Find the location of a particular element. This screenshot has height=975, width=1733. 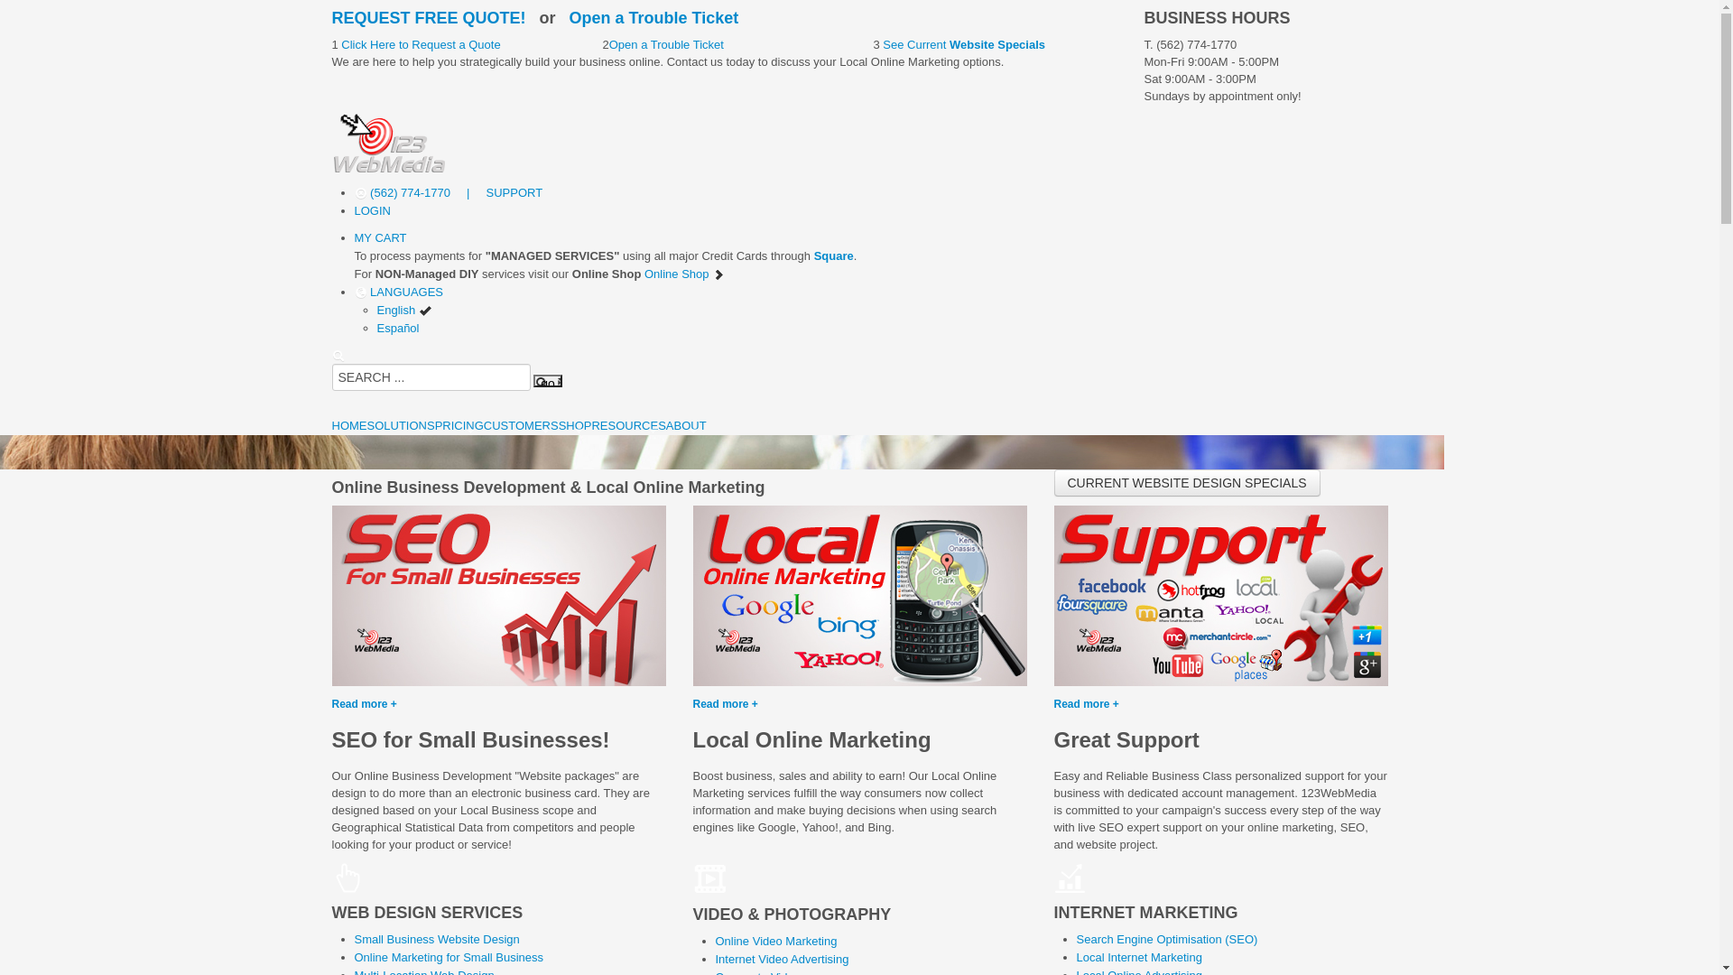

'Internet Video Advertising' is located at coordinates (714, 958).